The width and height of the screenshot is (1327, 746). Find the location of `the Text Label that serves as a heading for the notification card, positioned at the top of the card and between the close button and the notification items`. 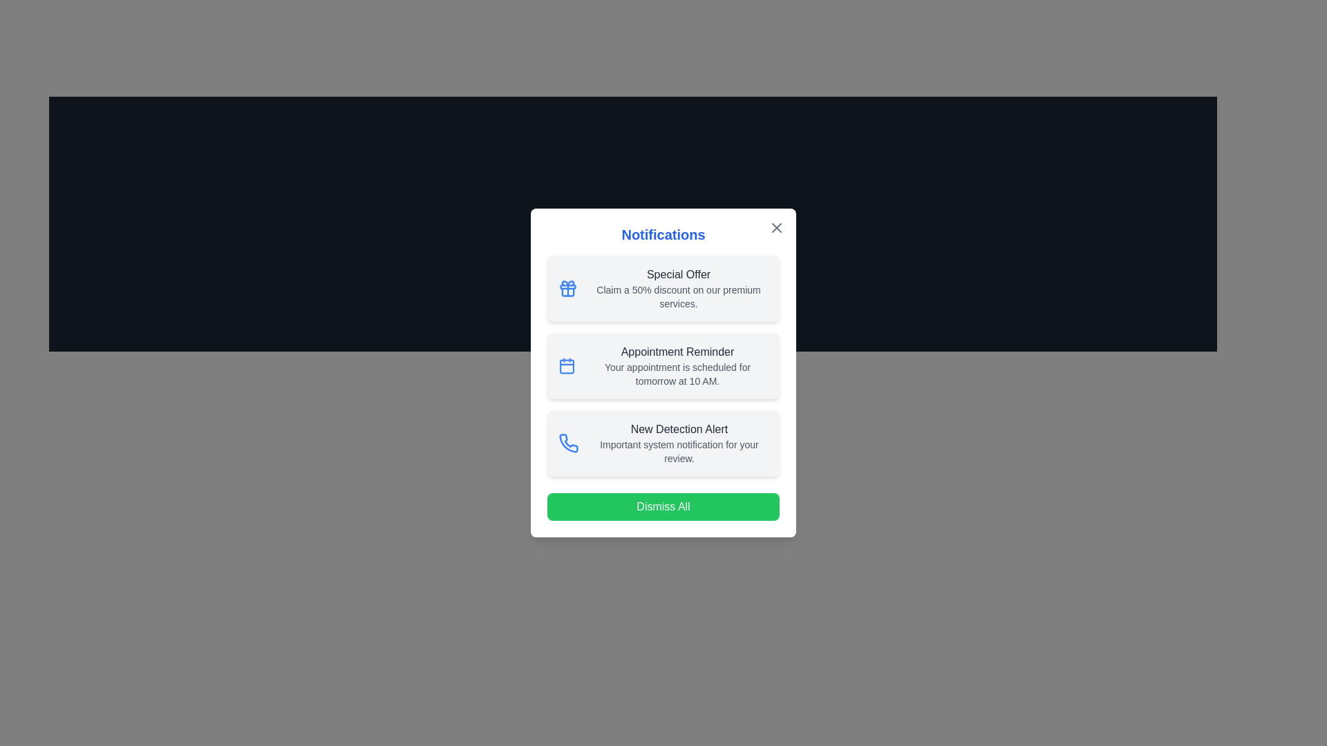

the Text Label that serves as a heading for the notification card, positioned at the top of the card and between the close button and the notification items is located at coordinates (663, 233).